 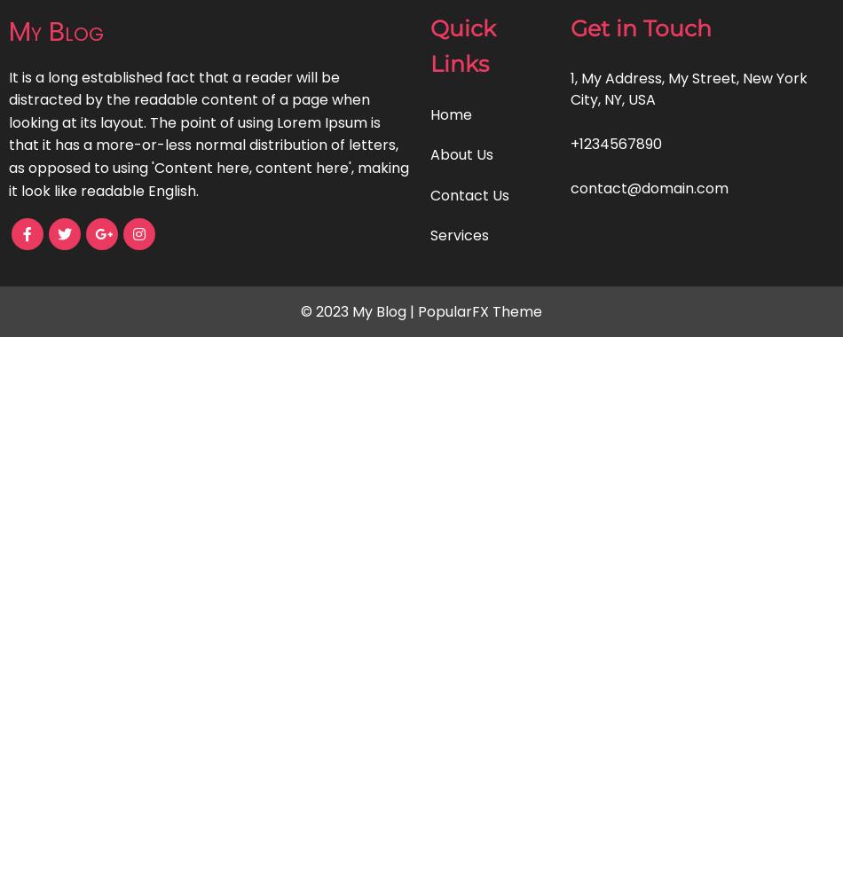 What do you see at coordinates (480, 310) in the screenshot?
I see `'PopularFX Theme'` at bounding box center [480, 310].